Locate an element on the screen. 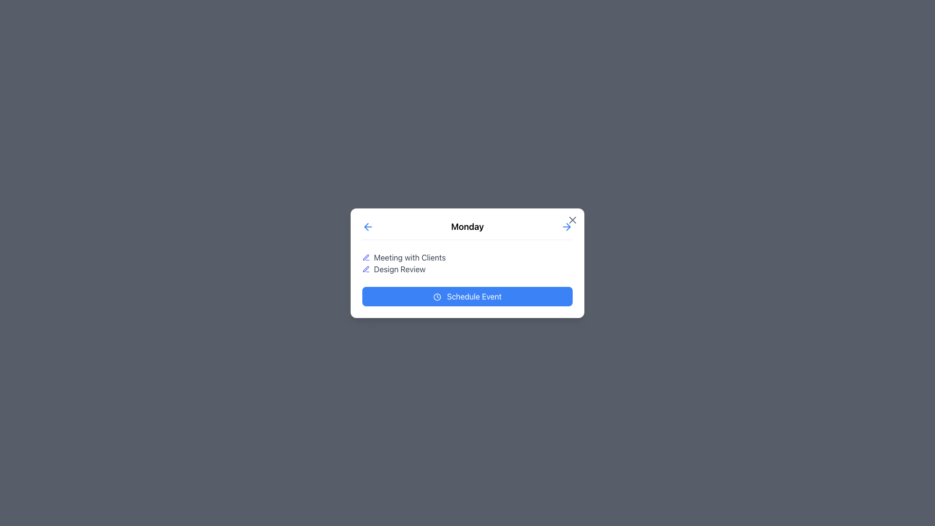 The image size is (935, 526). the Close Button located in the top-right corner of the dialog box to observe the color change effect is located at coordinates (573, 220).